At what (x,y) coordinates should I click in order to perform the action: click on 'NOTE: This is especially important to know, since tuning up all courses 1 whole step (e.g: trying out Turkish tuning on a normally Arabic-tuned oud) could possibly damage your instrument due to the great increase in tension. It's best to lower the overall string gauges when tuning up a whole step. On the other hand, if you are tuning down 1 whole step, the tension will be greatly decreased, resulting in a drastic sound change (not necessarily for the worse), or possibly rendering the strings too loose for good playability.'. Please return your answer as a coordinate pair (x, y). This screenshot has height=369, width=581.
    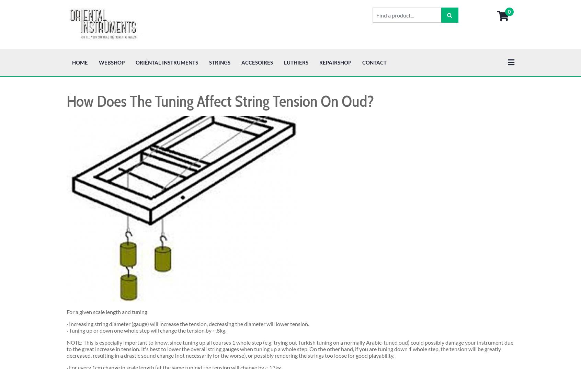
    Looking at the image, I should click on (290, 300).